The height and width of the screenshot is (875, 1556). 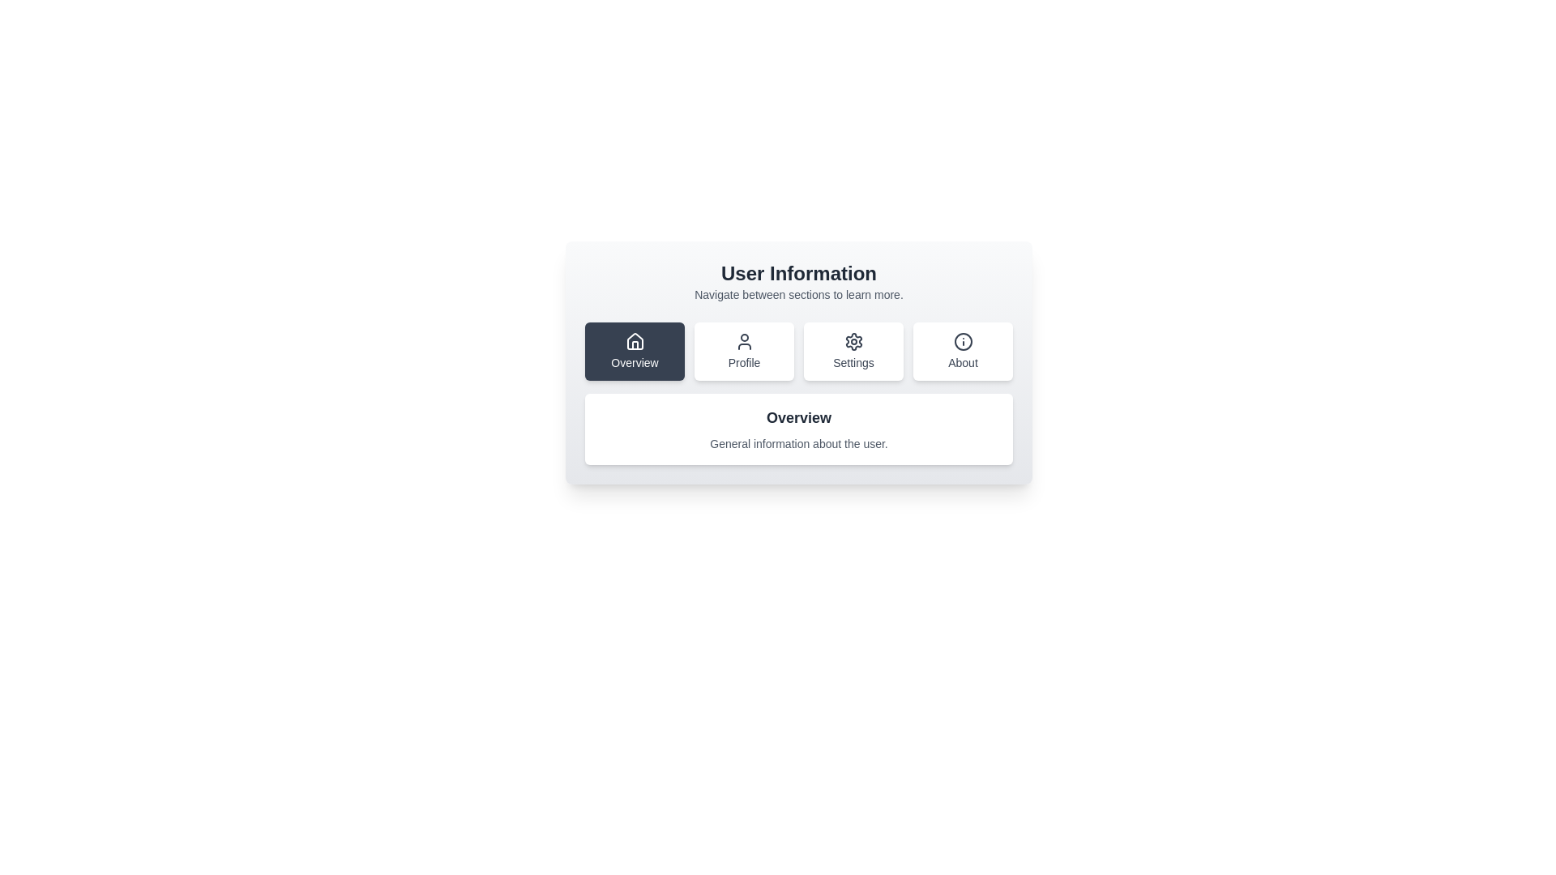 I want to click on the house-shaped icon that signifies the concept of home, located to the left of the 'Overview' button in the navigation bar, so click(x=634, y=344).